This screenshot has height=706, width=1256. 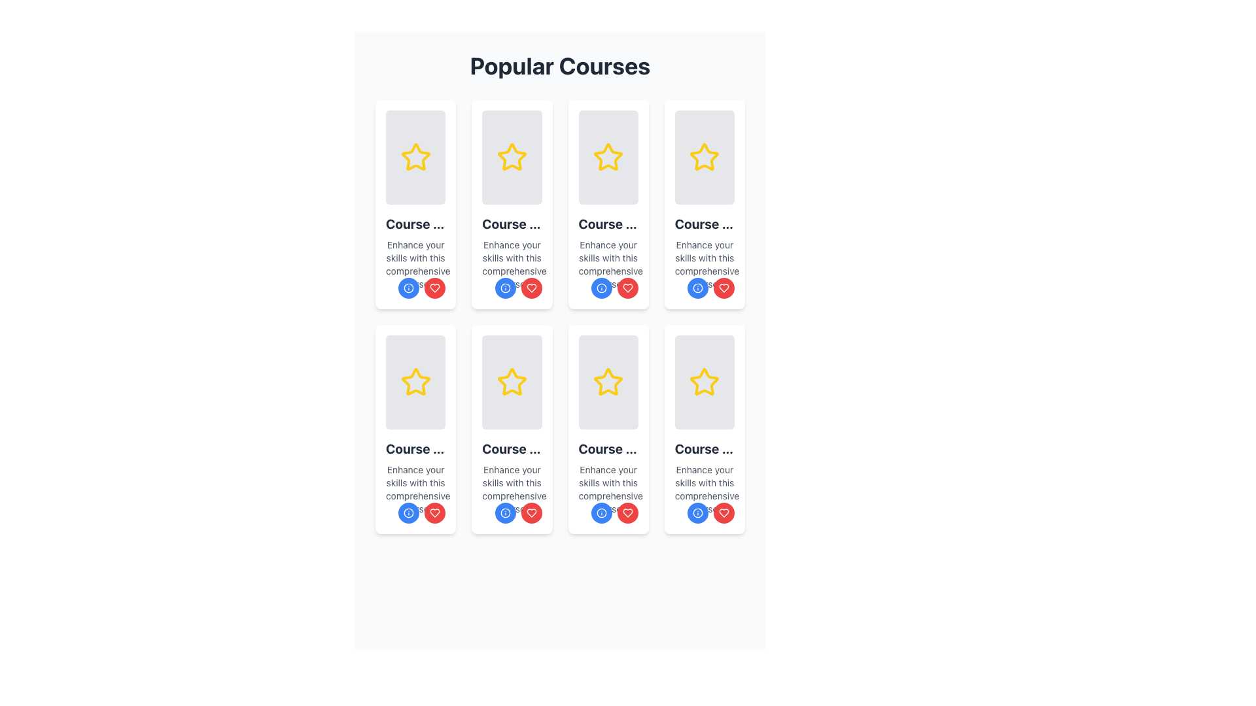 I want to click on the yellow star icon located in the upper section of the card component in the second column of the first row in the grid layout, so click(x=511, y=156).